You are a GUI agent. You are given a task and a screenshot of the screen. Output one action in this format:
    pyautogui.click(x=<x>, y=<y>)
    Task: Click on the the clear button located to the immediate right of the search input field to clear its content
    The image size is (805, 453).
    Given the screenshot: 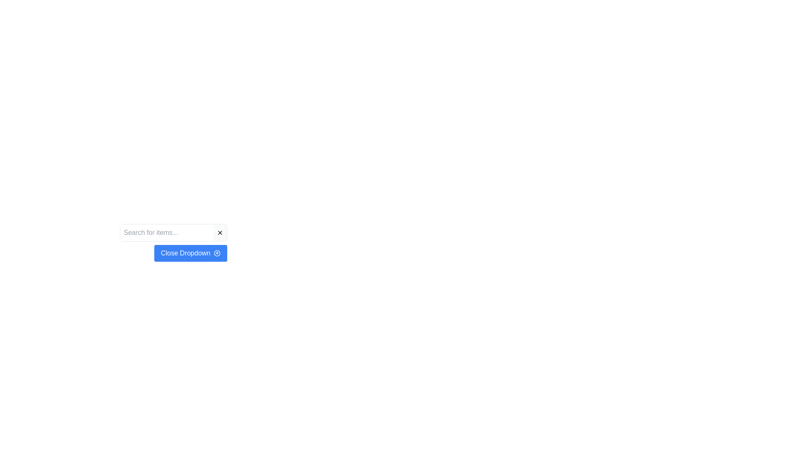 What is the action you would take?
    pyautogui.click(x=220, y=233)
    